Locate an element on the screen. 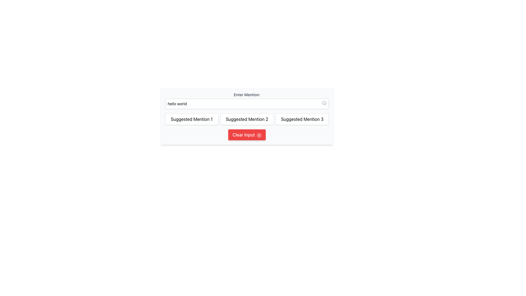  the SVG circle element, which is a small circle with a radius of 10 units, located at the center of a 24x24 pixel icon in the top-right corner of the box is located at coordinates (324, 103).